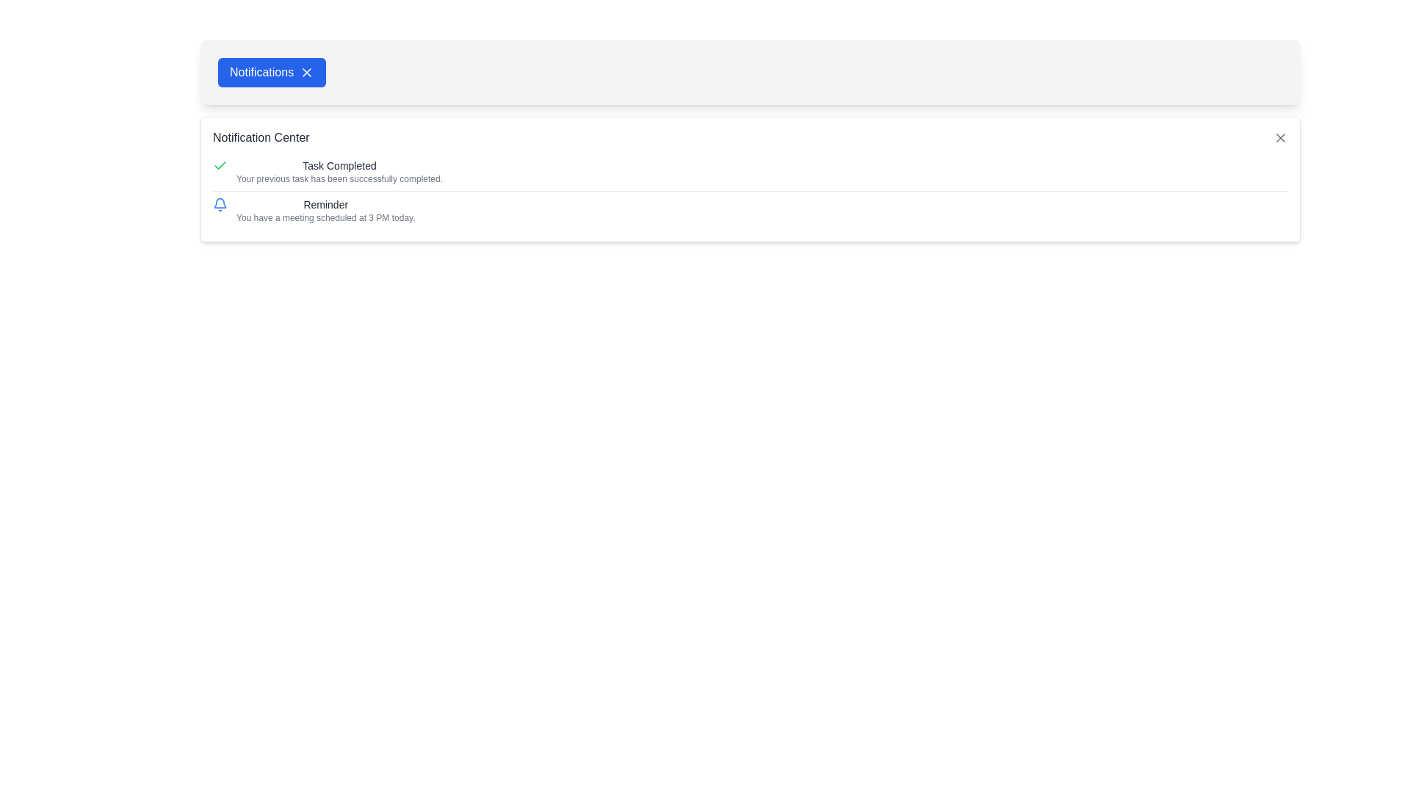 The image size is (1410, 793). Describe the element at coordinates (339, 165) in the screenshot. I see `the 'Task Completed' text label, which is located at the top of the first notification entry in the Notification Center` at that location.